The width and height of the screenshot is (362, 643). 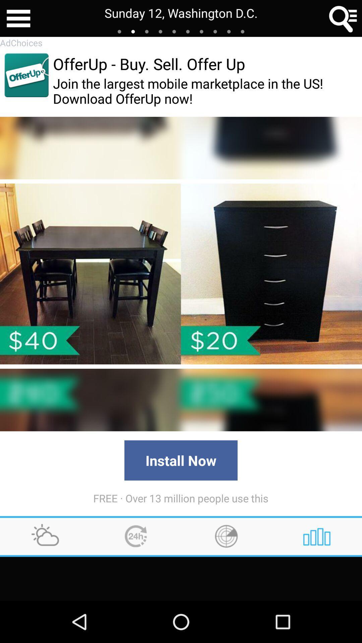 What do you see at coordinates (18, 18) in the screenshot?
I see `the main menu` at bounding box center [18, 18].